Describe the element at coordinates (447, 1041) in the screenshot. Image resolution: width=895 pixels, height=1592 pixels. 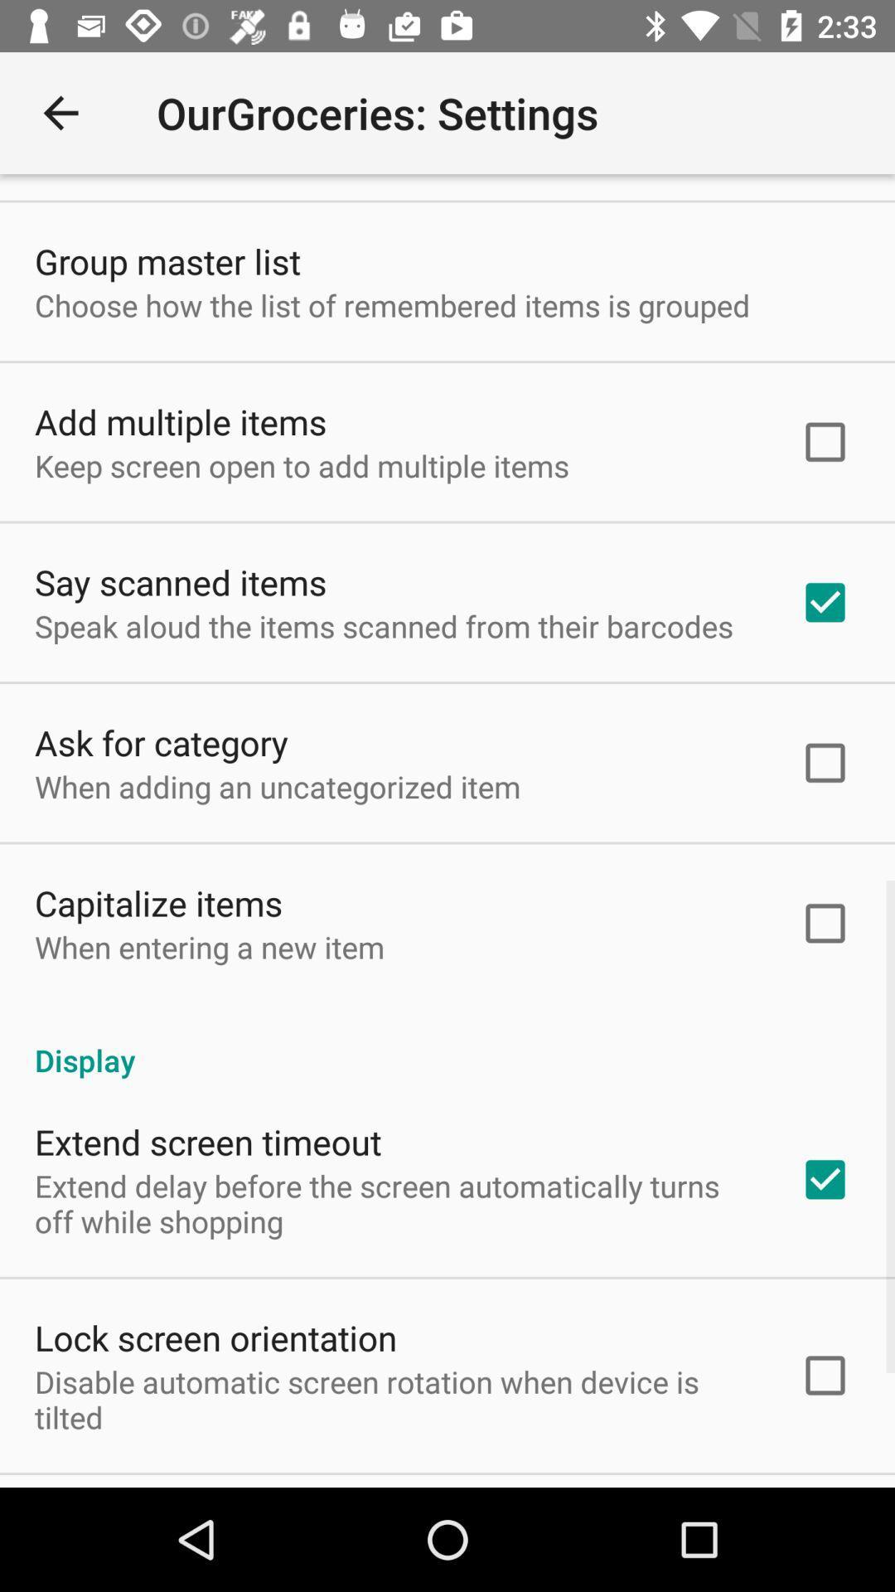
I see `item above the extend screen timeout item` at that location.